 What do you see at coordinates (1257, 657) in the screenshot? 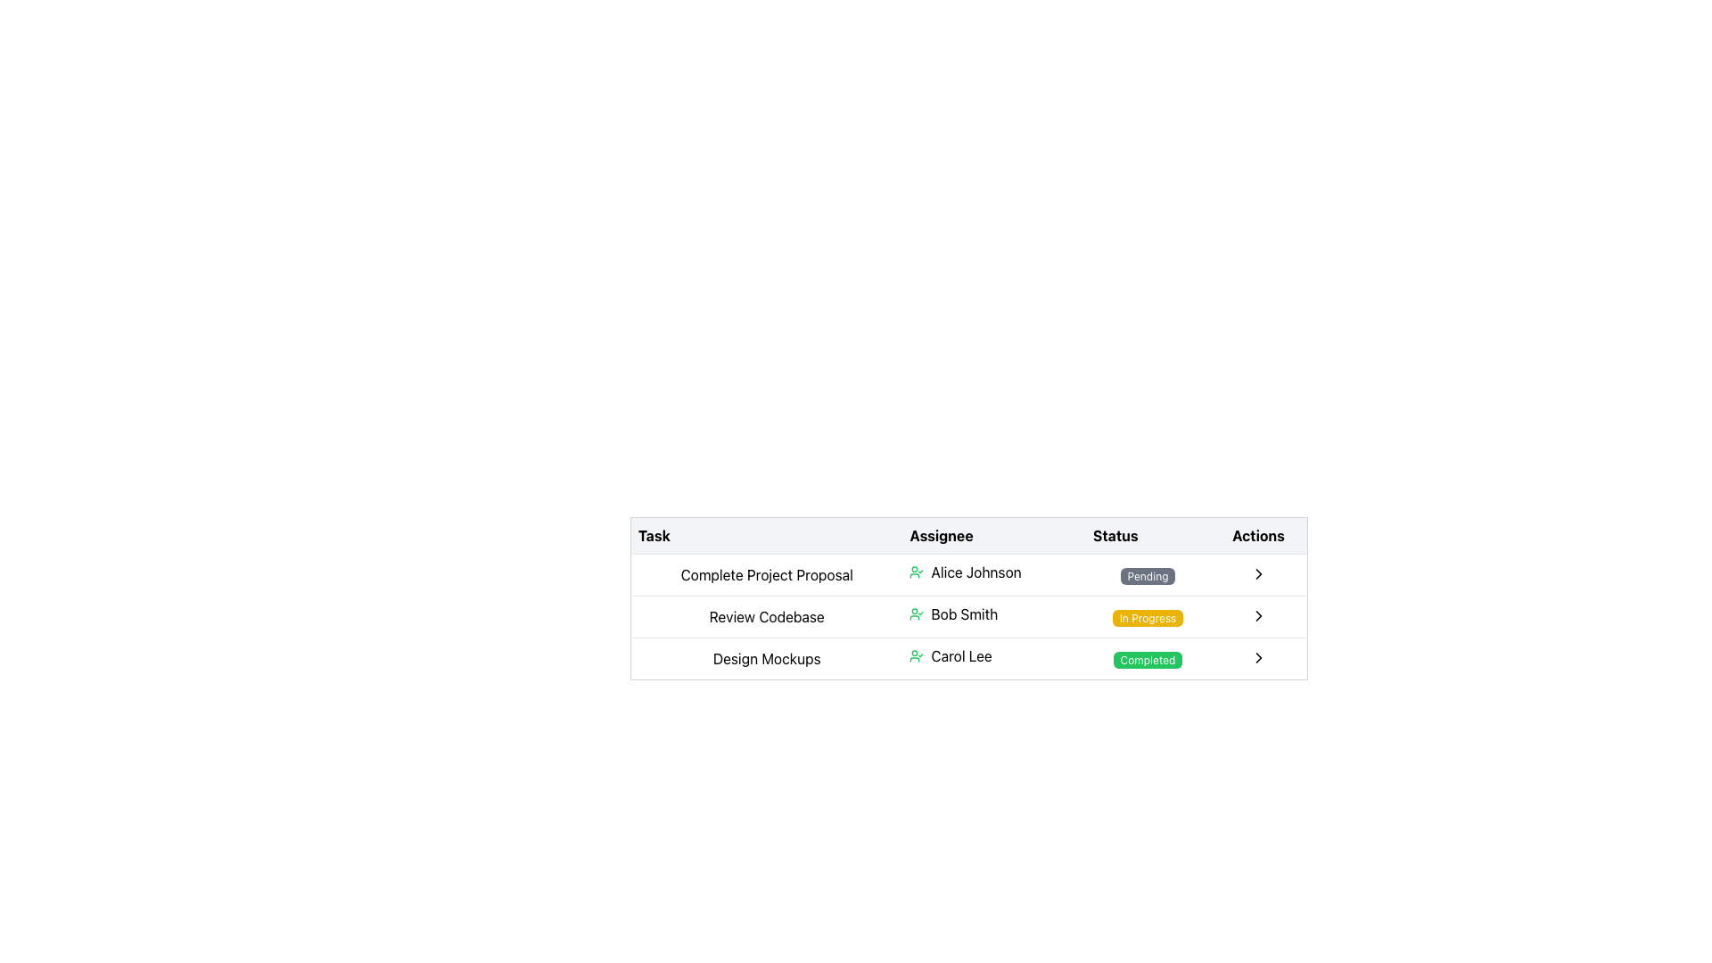
I see `the chevron icon button located in the last row of the table under the 'Actions' column` at bounding box center [1257, 657].